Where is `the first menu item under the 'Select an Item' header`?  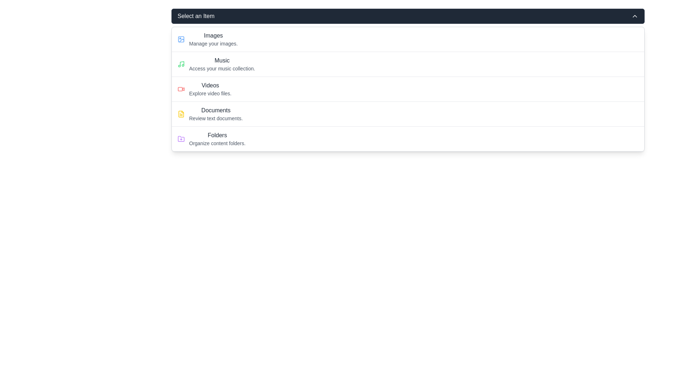 the first menu item under the 'Select an Item' header is located at coordinates (213, 39).